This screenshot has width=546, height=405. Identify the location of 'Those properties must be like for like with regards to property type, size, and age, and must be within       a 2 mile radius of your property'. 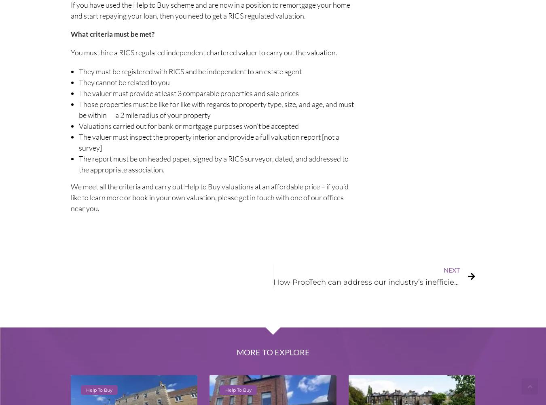
(216, 109).